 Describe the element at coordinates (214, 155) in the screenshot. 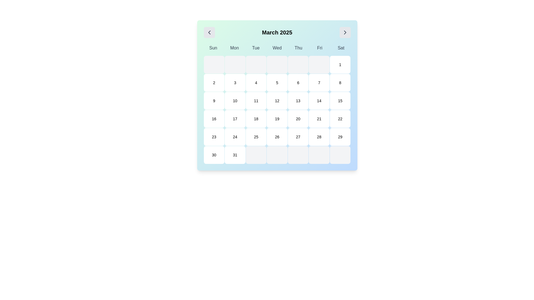

I see `the Interactive calendar day cell displaying the number '30'` at that location.